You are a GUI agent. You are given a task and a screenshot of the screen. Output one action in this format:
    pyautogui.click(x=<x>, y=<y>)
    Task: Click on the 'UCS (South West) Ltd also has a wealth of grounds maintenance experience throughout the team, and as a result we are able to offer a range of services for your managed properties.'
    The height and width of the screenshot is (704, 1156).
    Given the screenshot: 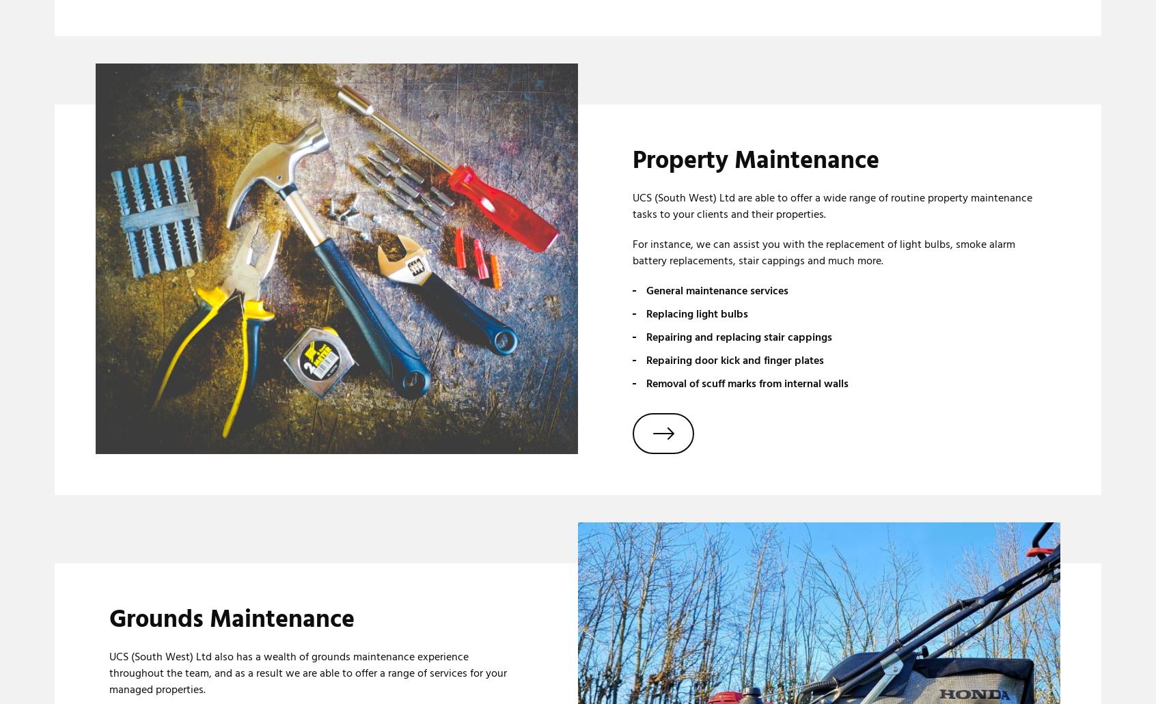 What is the action you would take?
    pyautogui.click(x=307, y=673)
    